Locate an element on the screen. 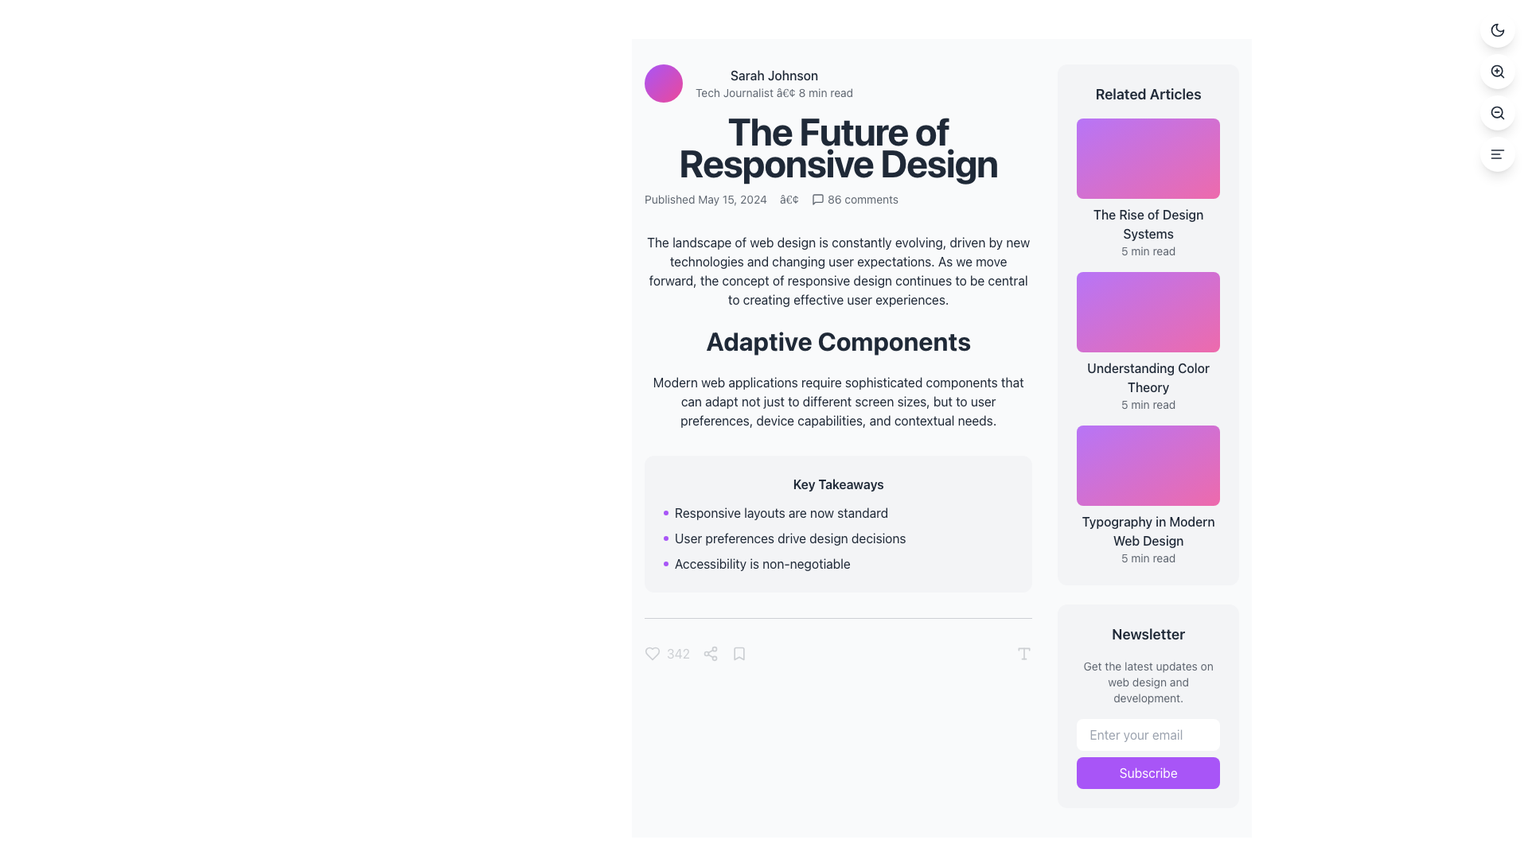  the bookmark-like icon located in the footer of the article is located at coordinates (739, 653).